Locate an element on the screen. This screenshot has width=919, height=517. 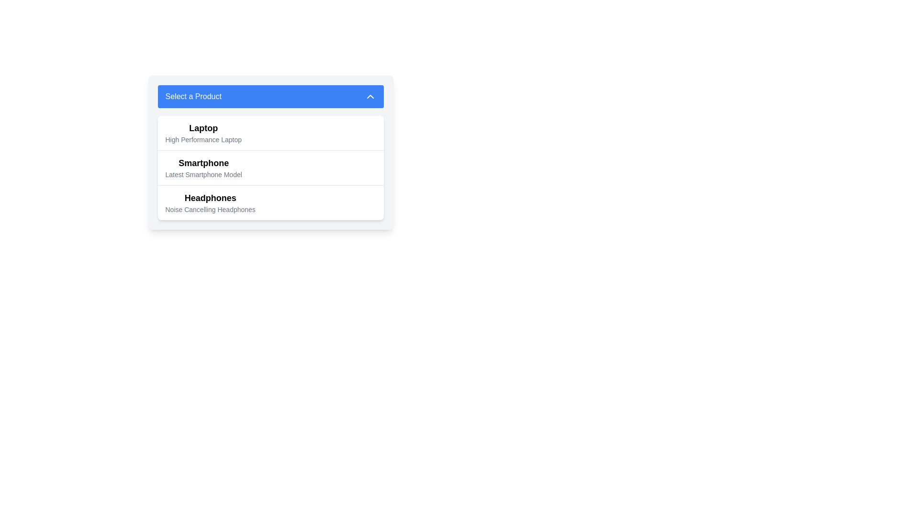
the 'Headphones' list item in the product selection dropdown is located at coordinates (270, 202).